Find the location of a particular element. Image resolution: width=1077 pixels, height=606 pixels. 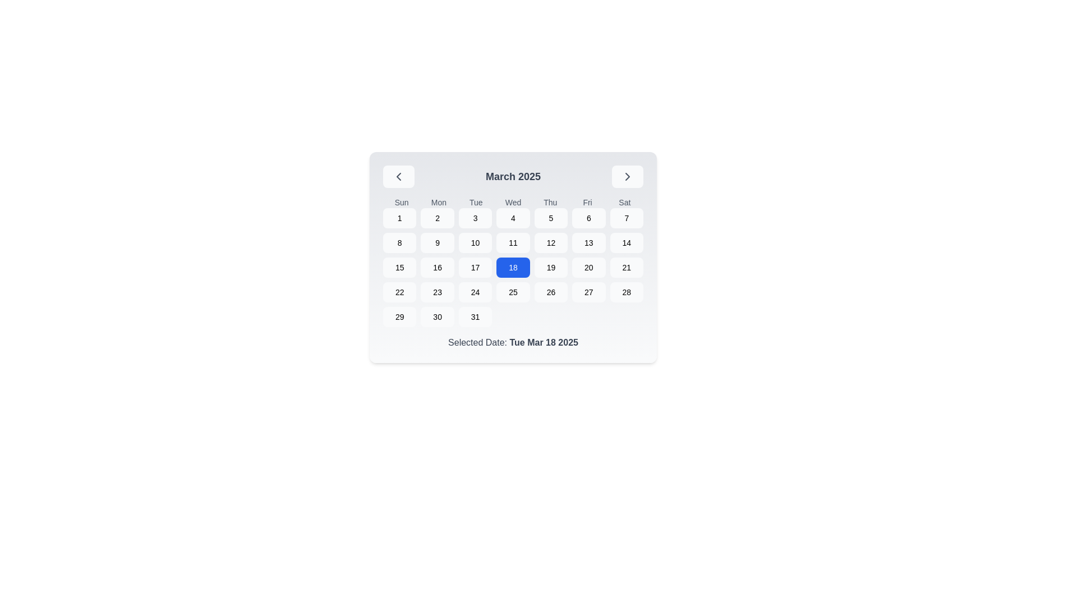

the text label representing 'Wed' in the weekly calendar view, which is positioned fourth from the left in the top row of the calendar component is located at coordinates (513, 203).